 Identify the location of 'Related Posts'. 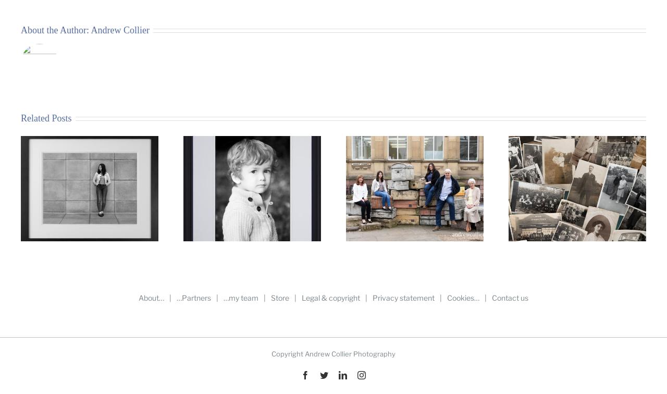
(45, 118).